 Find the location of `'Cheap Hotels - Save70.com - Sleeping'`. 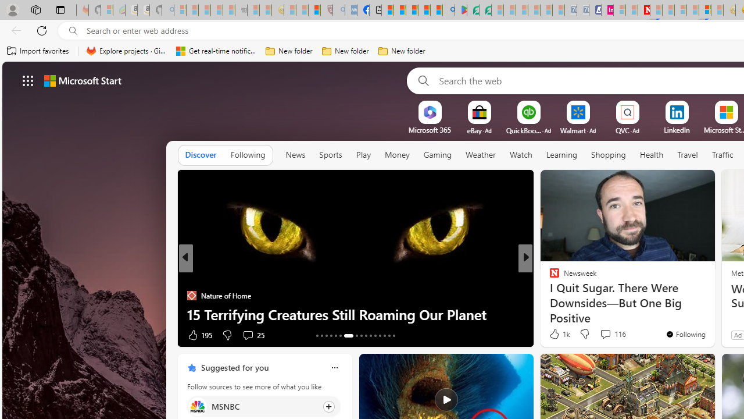

'Cheap Hotels - Save70.com - Sleeping' is located at coordinates (582, 10).